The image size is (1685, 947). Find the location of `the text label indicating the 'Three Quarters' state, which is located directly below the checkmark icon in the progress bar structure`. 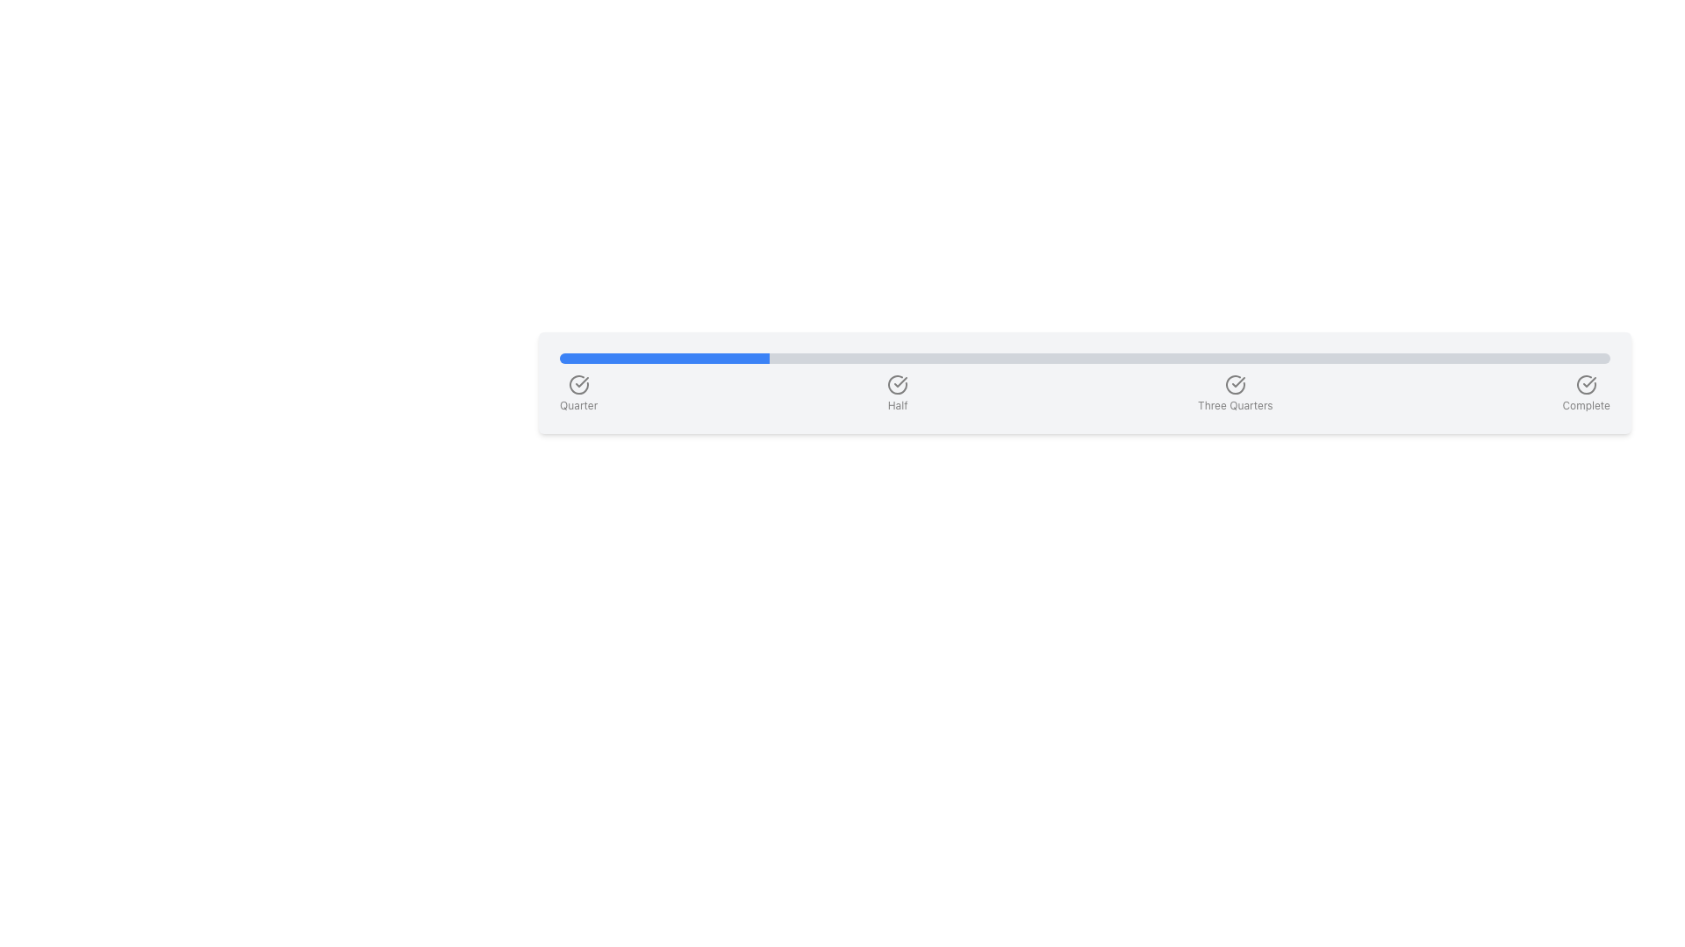

the text label indicating the 'Three Quarters' state, which is located directly below the checkmark icon in the progress bar structure is located at coordinates (1234, 405).